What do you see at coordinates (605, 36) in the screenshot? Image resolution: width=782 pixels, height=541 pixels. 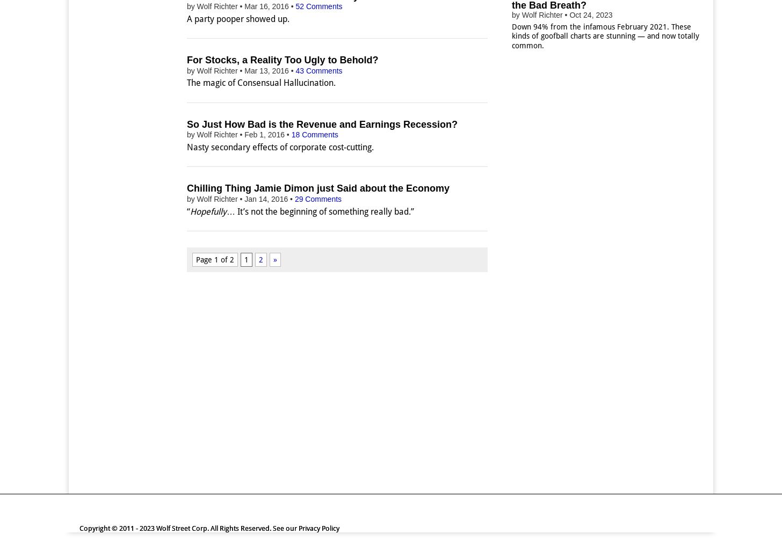 I see `'Down 94% from the infamous February 2021. These kinds of goofball charts are stunning — and now totally common.'` at bounding box center [605, 36].